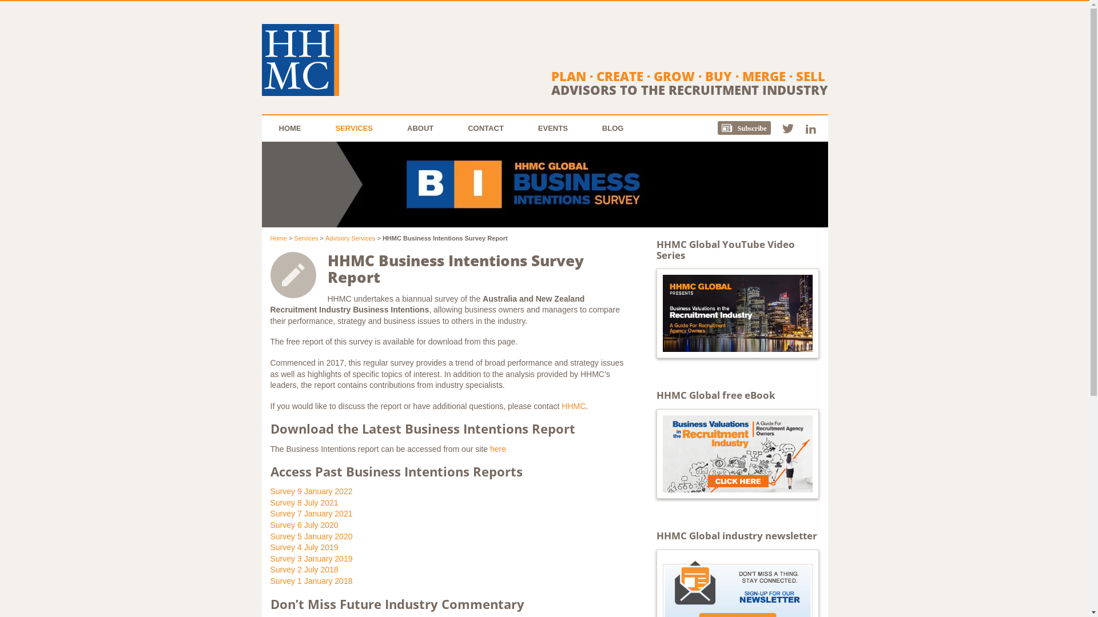 The image size is (1098, 617). I want to click on 'Home', so click(278, 237).